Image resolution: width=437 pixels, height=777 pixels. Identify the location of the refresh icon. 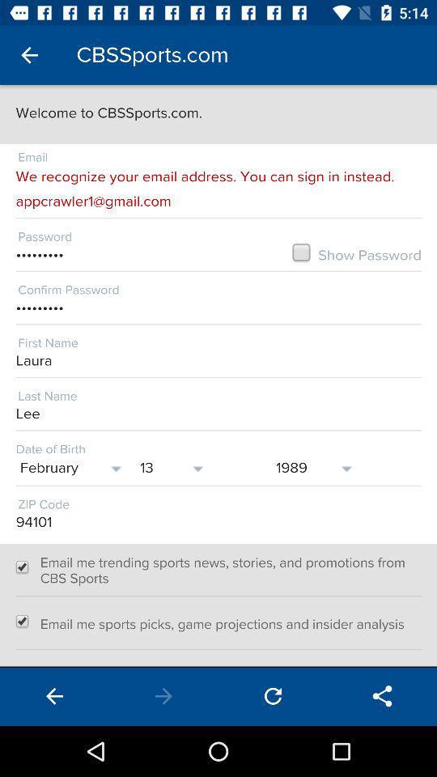
(273, 695).